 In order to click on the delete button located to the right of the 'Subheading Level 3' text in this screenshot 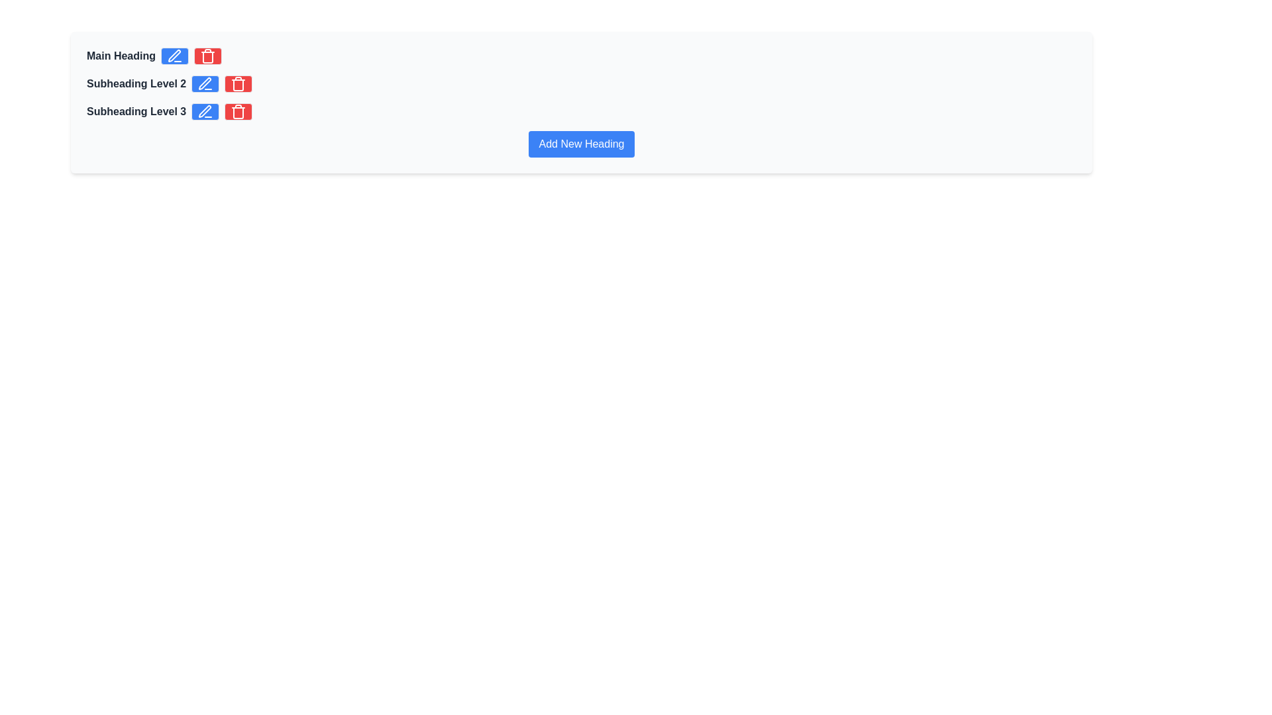, I will do `click(238, 111)`.